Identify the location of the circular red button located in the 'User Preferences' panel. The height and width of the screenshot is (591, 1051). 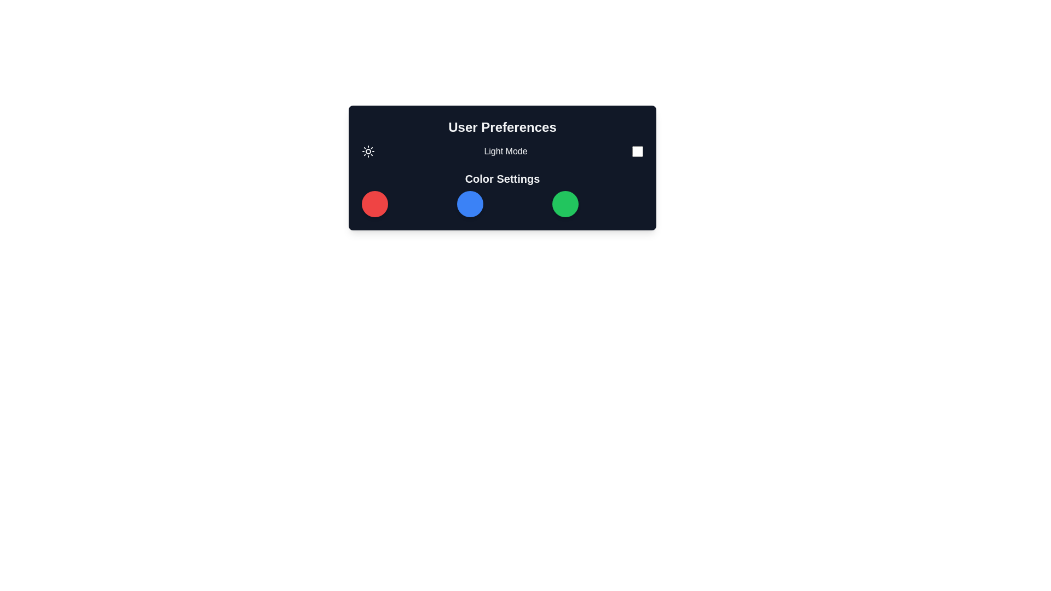
(375, 204).